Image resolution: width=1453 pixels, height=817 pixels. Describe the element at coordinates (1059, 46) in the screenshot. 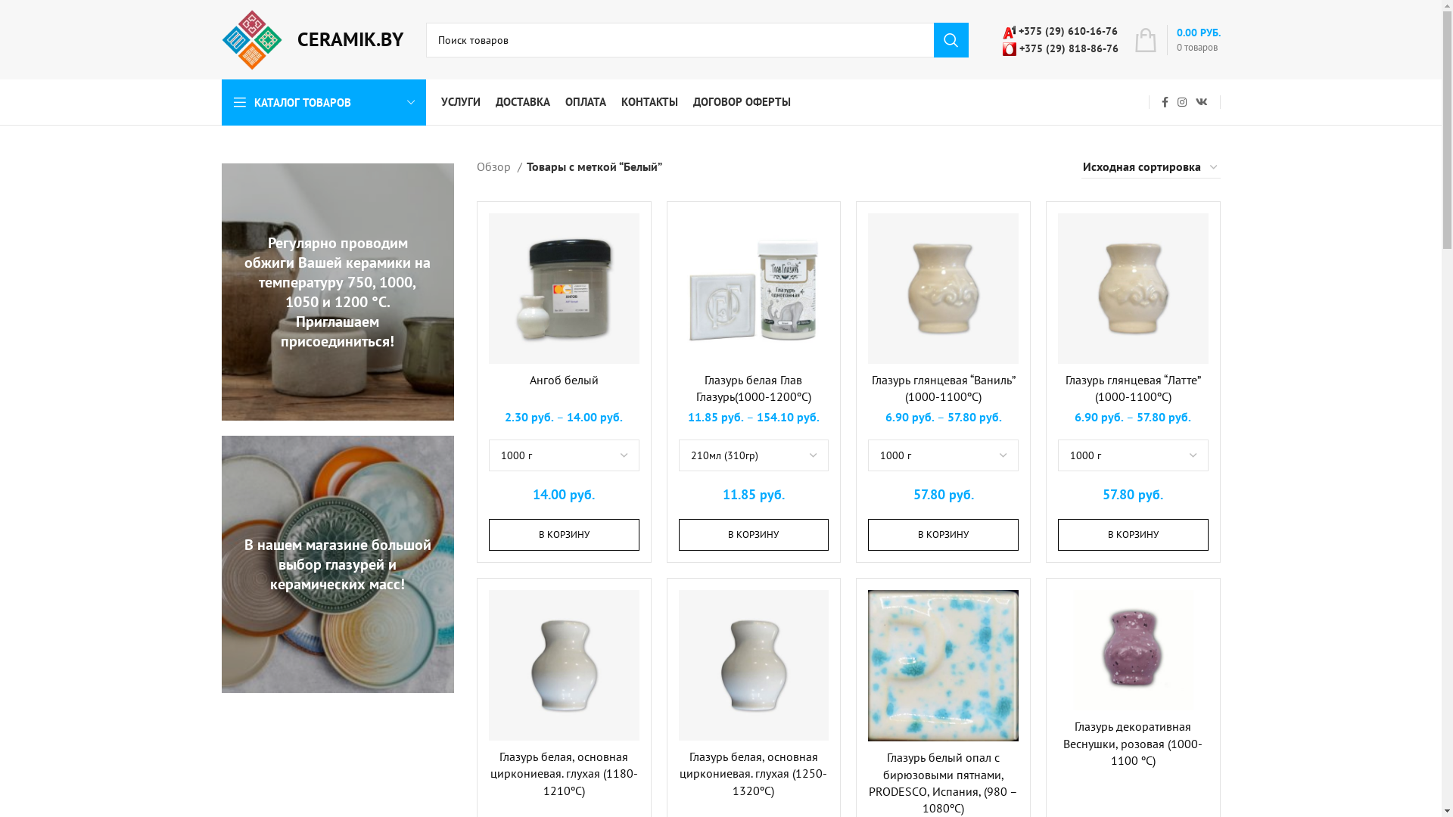

I see `'+375 (29) 818-86-76'` at that location.